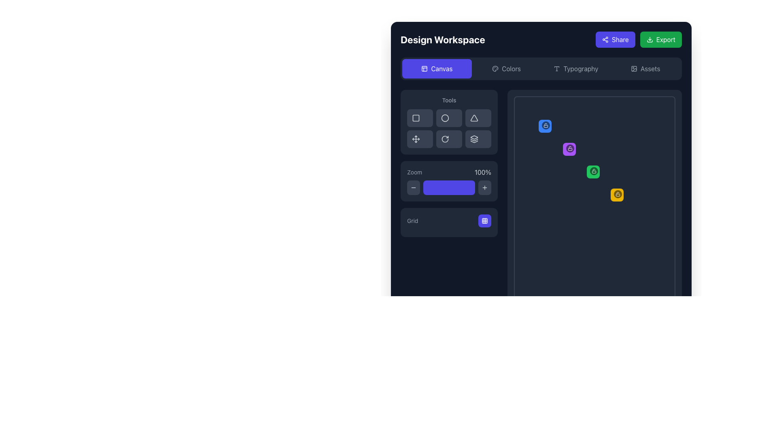 This screenshot has height=437, width=777. Describe the element at coordinates (414, 172) in the screenshot. I see `the small text label that states 'Zoom', which is styled with a gray font color and located in the left-side panel near the zoom controls` at that location.